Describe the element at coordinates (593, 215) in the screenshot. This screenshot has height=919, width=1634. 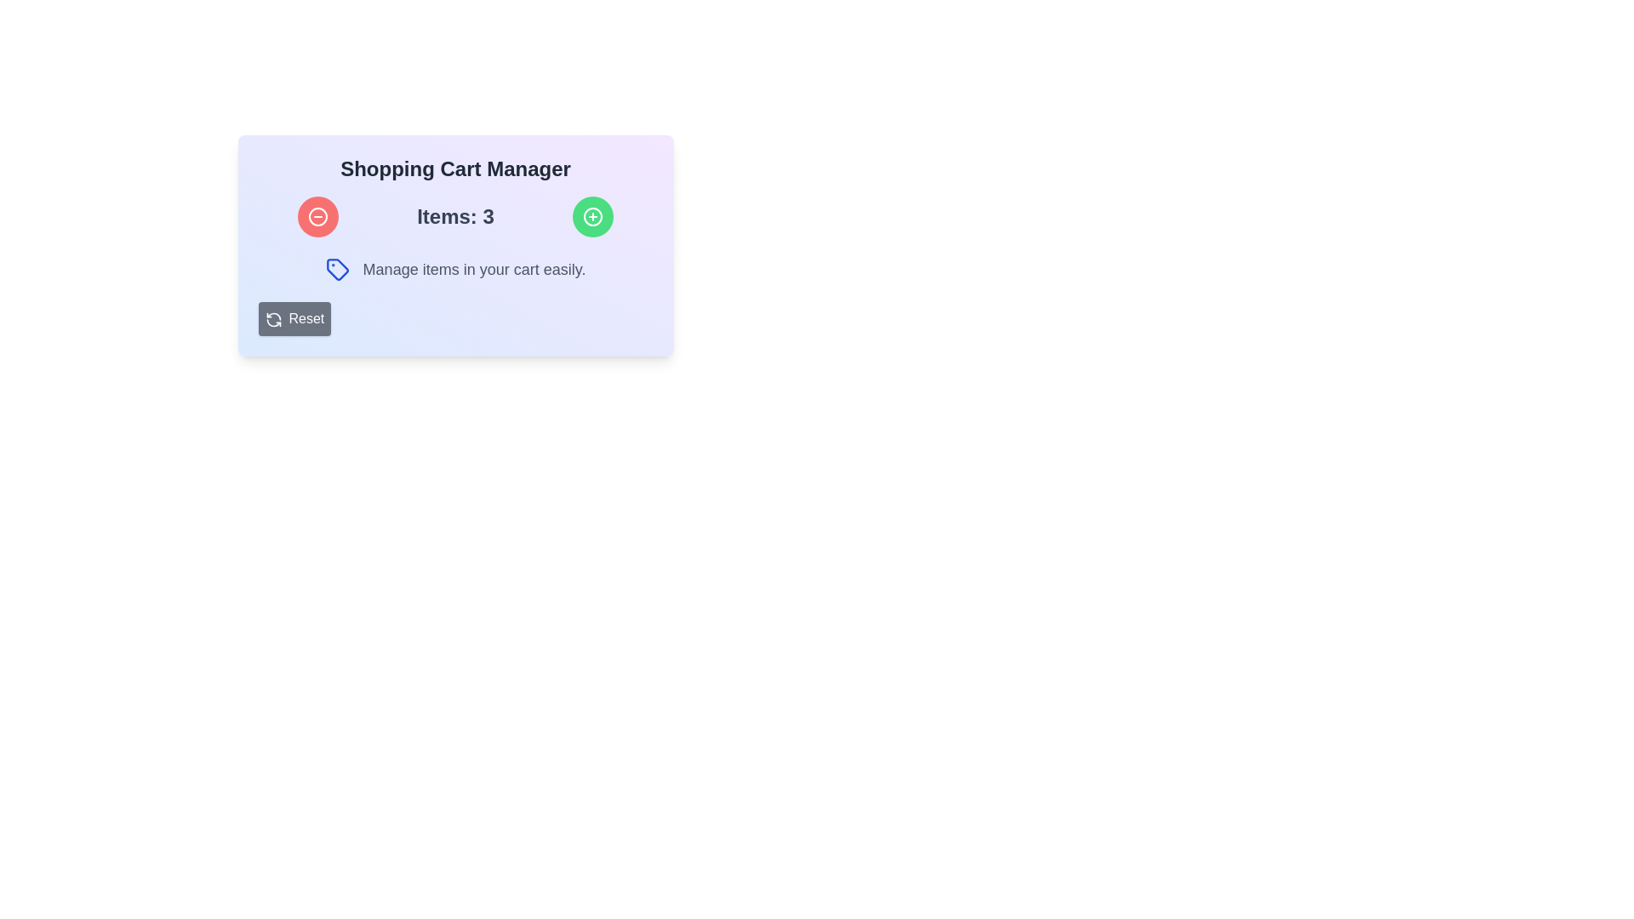
I see `the plus icon located at the top right of the main card under the 'Shopping Cart Manager' heading` at that location.